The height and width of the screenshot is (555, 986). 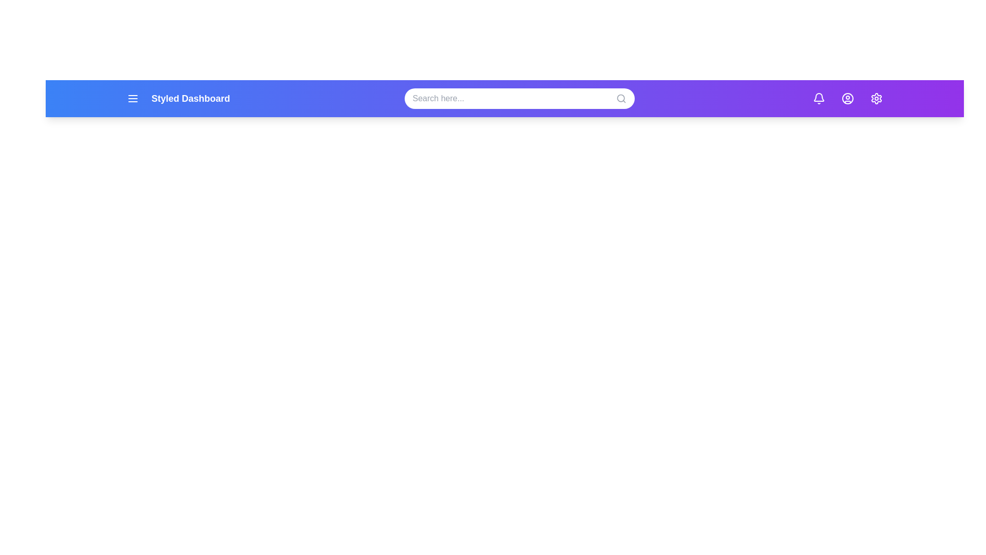 I want to click on the menu button to expand or collapse navigation options, so click(x=132, y=99).